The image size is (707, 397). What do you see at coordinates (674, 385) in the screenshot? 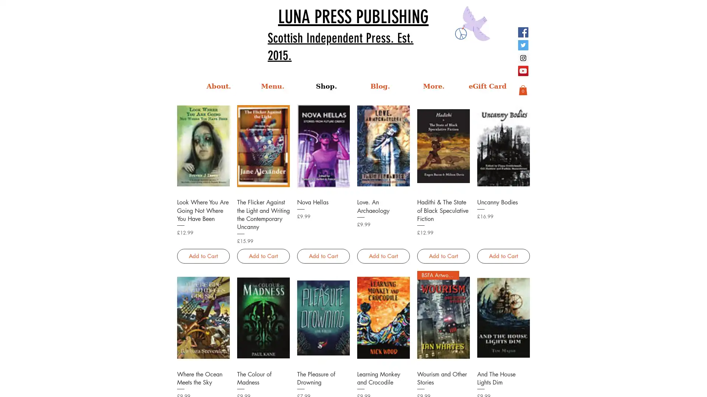
I see `Accept` at bounding box center [674, 385].